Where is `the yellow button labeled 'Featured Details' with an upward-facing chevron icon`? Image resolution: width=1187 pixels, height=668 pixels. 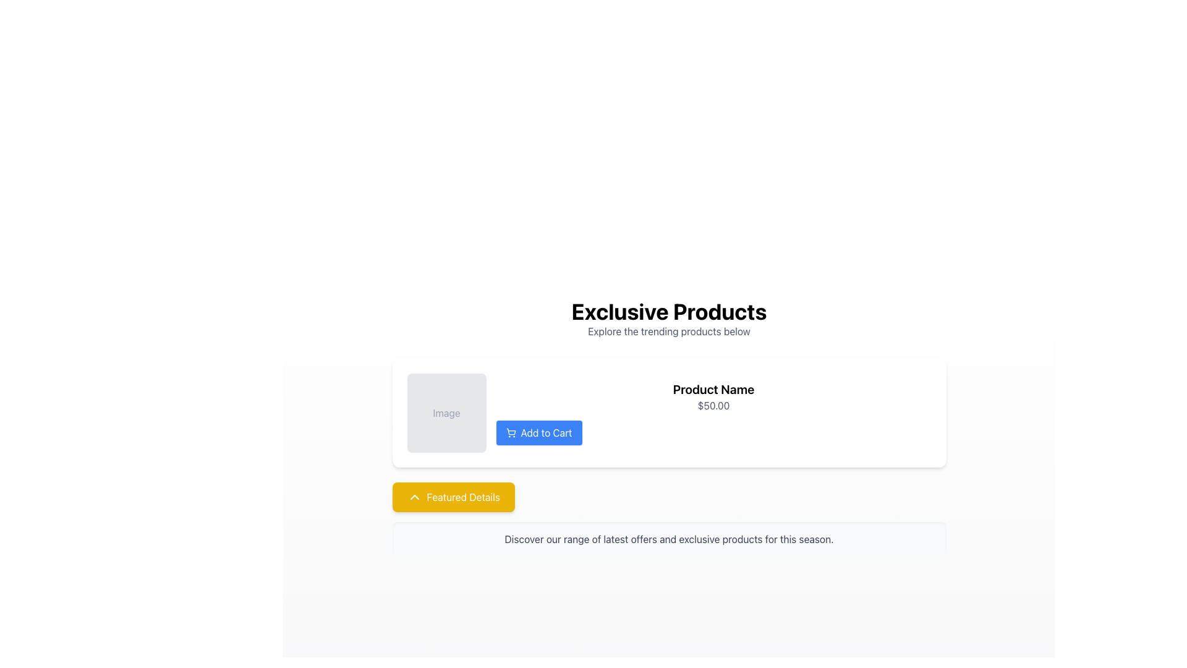 the yellow button labeled 'Featured Details' with an upward-facing chevron icon is located at coordinates (453, 496).